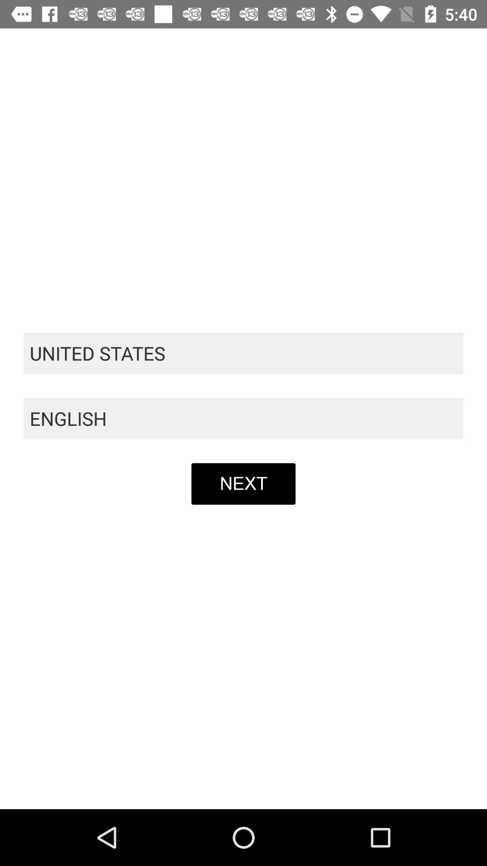 The width and height of the screenshot is (487, 866). Describe the element at coordinates (243, 418) in the screenshot. I see `english` at that location.